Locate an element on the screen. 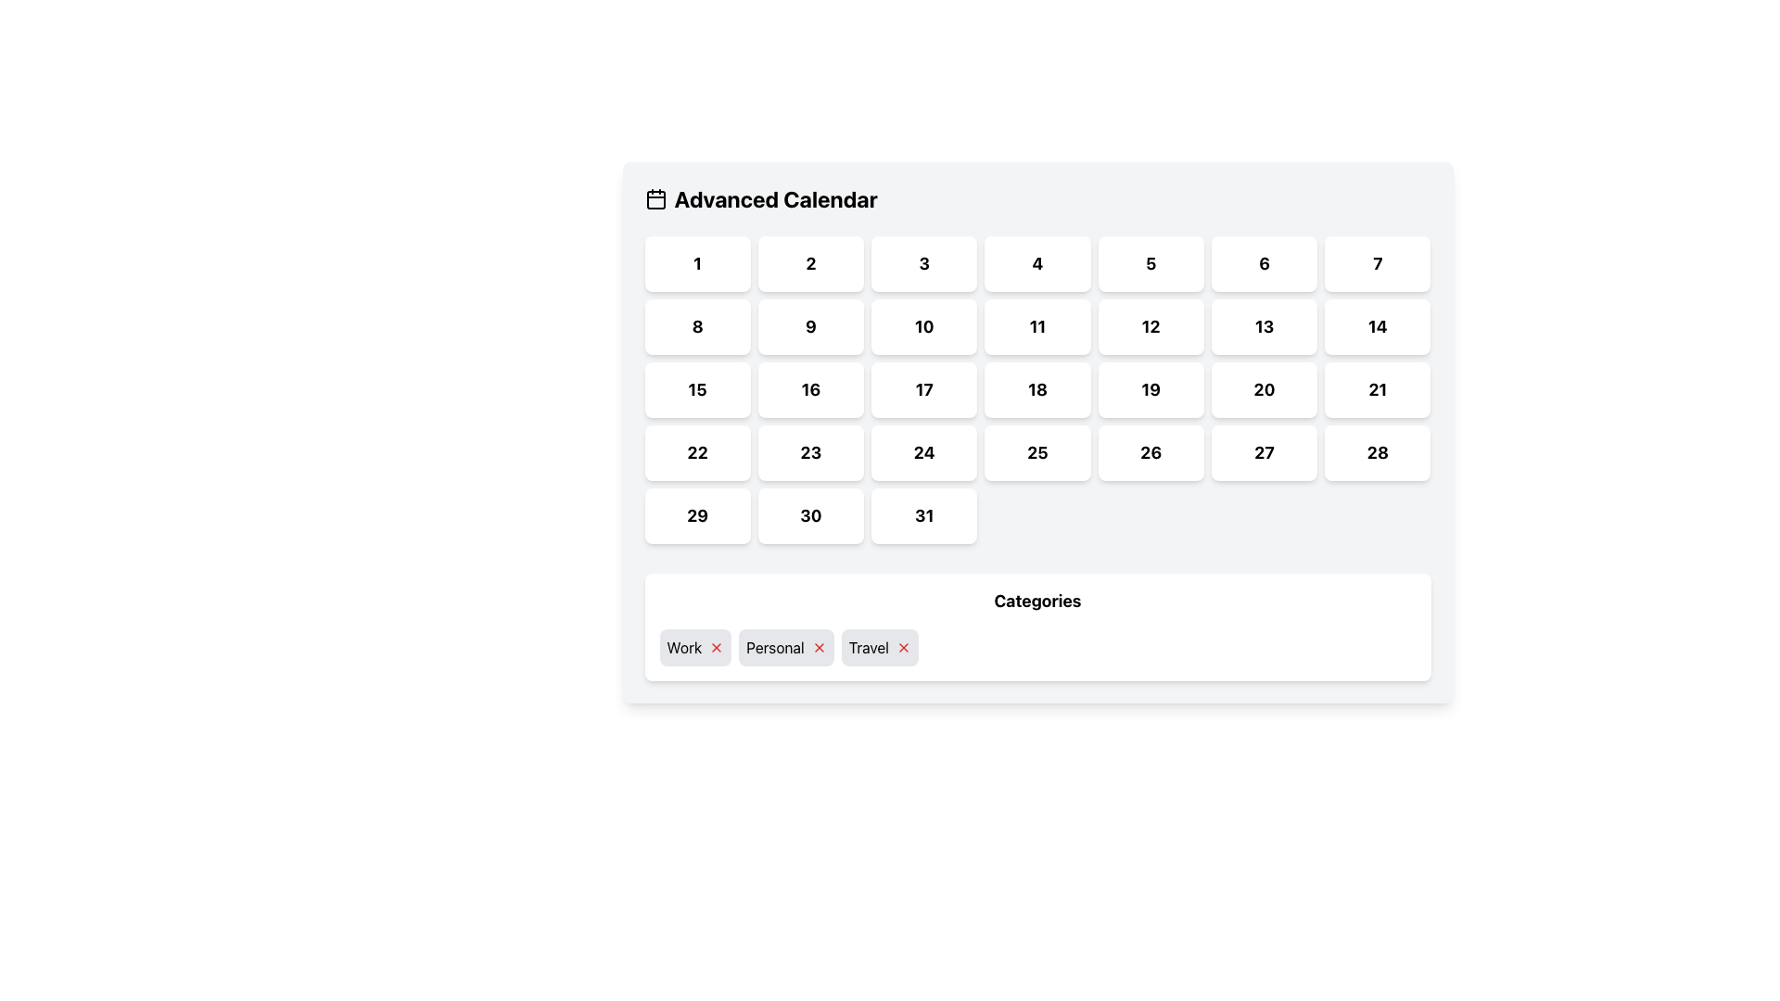 This screenshot has height=1001, width=1780. the bold, large text displaying the number '16' is located at coordinates (810, 388).